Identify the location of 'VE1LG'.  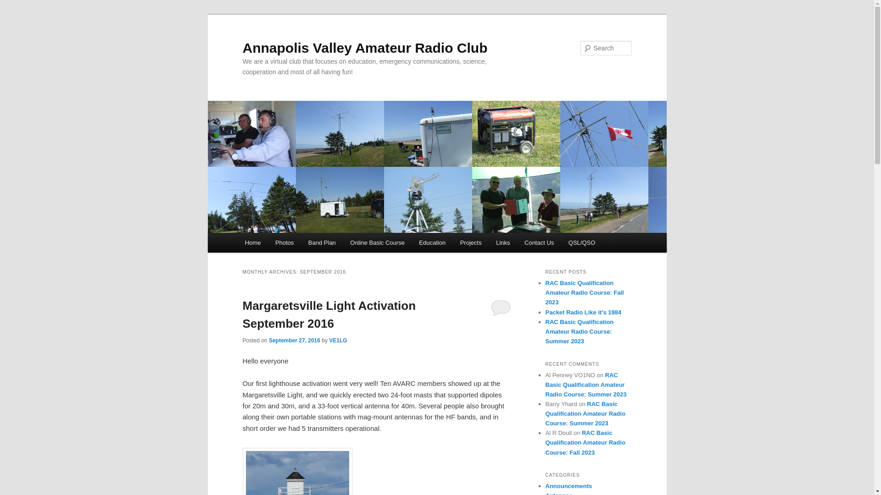
(337, 341).